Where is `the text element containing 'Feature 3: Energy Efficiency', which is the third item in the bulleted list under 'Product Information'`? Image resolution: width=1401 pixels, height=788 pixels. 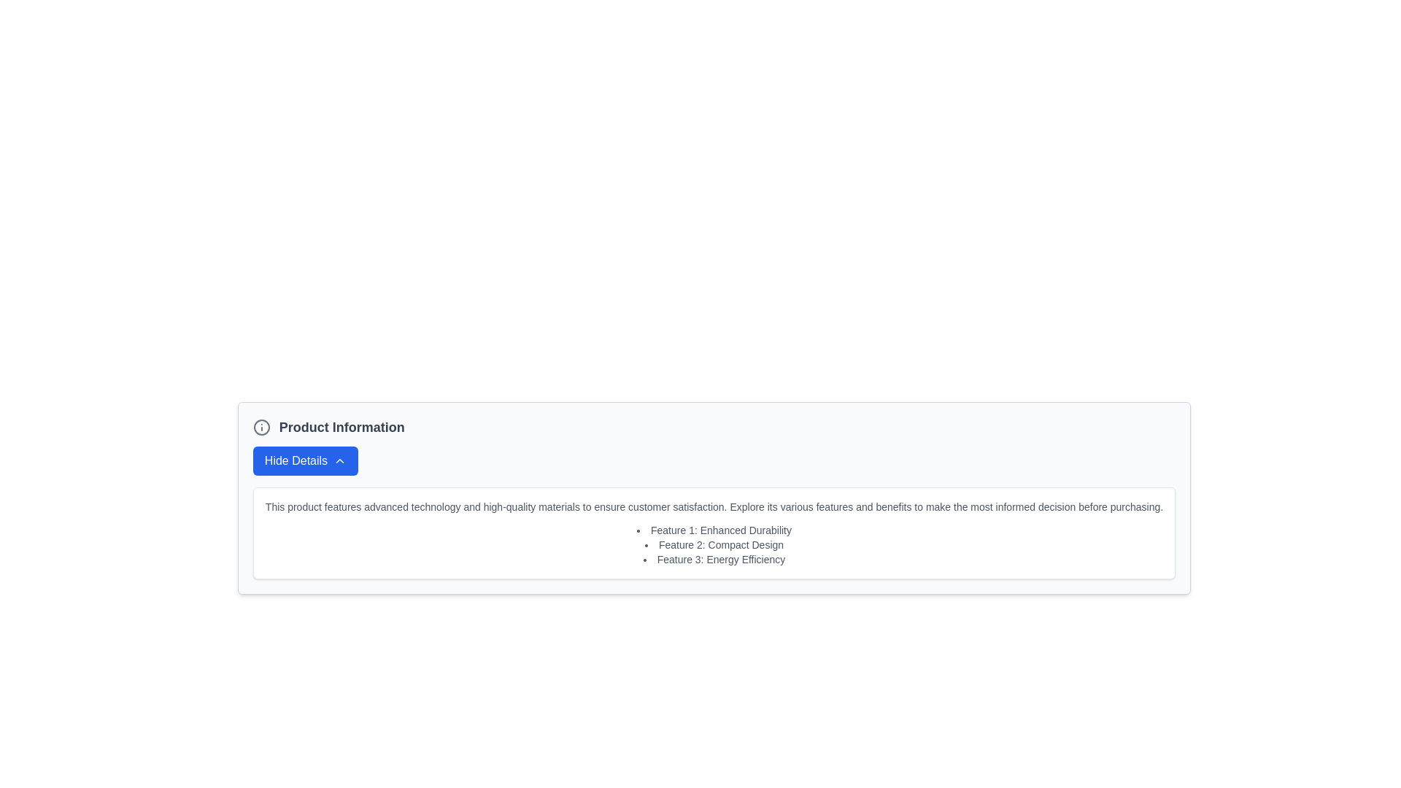
the text element containing 'Feature 3: Energy Efficiency', which is the third item in the bulleted list under 'Product Information' is located at coordinates (714, 559).